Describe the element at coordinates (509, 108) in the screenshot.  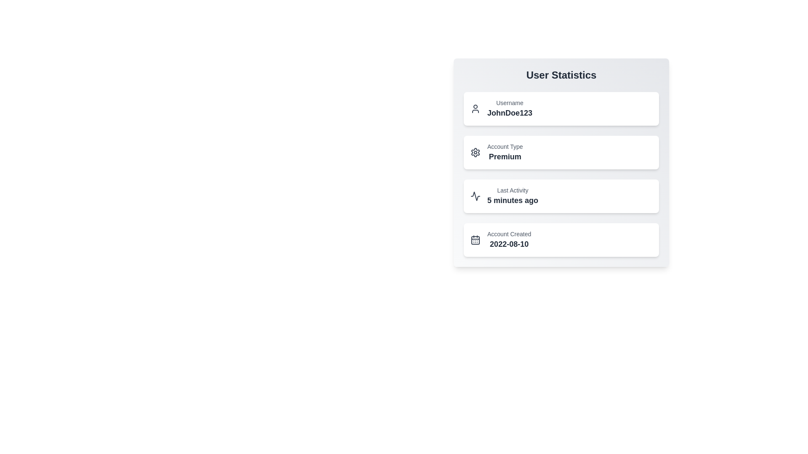
I see `text content of the username display labeled 'Username' showing 'JohnDoe123', located in the User Statistics section on the first card` at that location.